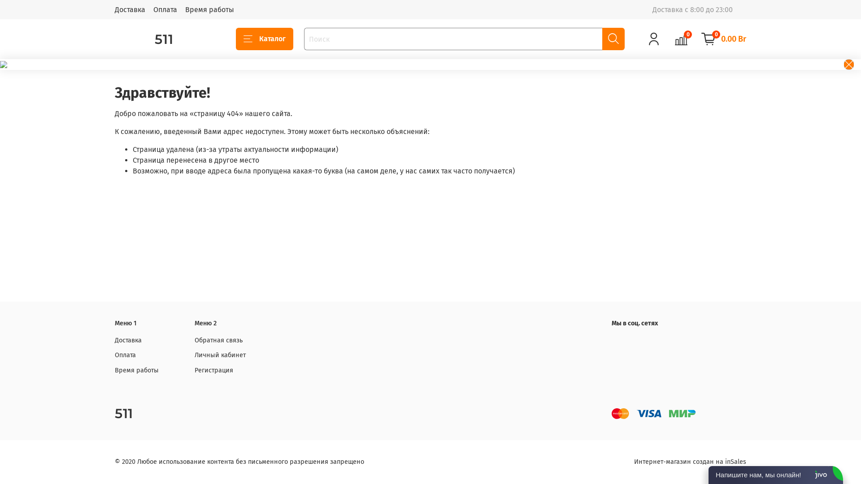 Image resolution: width=861 pixels, height=484 pixels. What do you see at coordinates (723, 39) in the screenshot?
I see `'0` at bounding box center [723, 39].